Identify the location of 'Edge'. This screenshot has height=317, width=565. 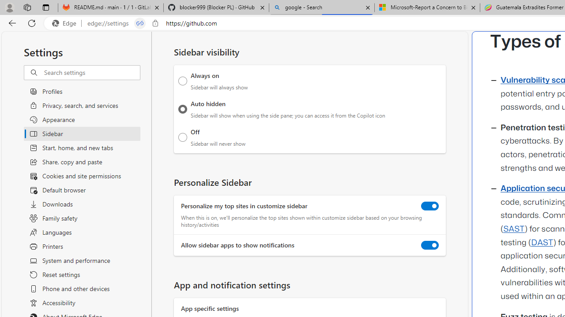
(66, 23).